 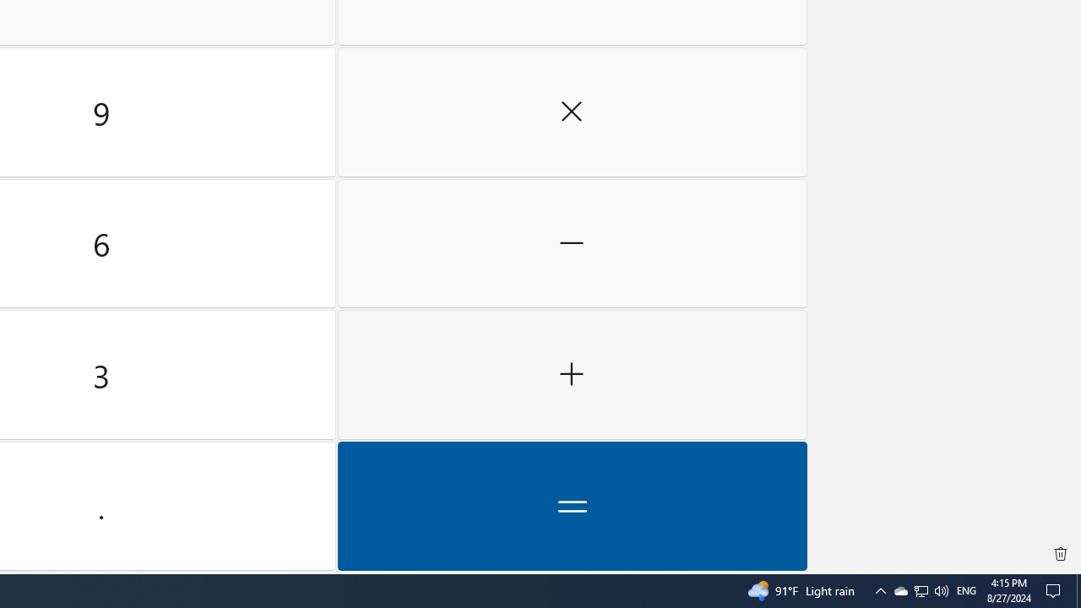 What do you see at coordinates (1060, 553) in the screenshot?
I see `'Clear all history'` at bounding box center [1060, 553].